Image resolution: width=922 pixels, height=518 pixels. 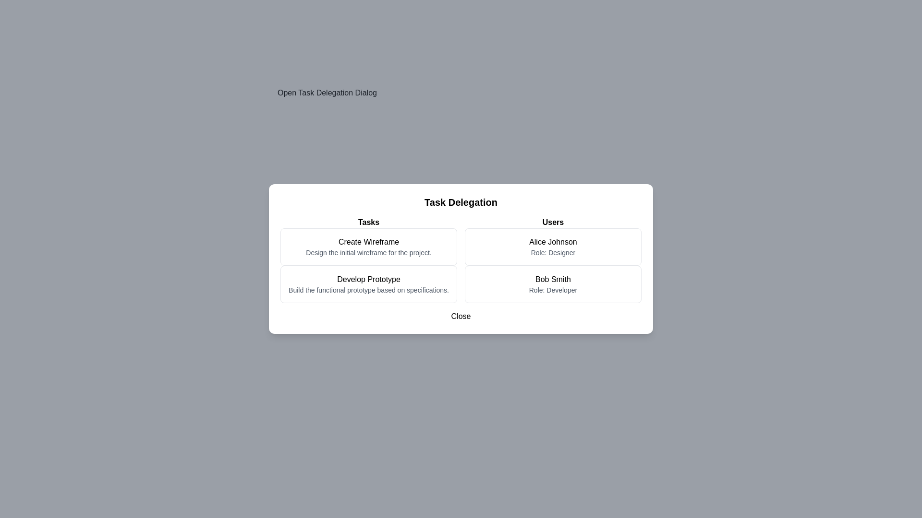 I want to click on the task 'Develop Prototype' from the list, so click(x=368, y=284).